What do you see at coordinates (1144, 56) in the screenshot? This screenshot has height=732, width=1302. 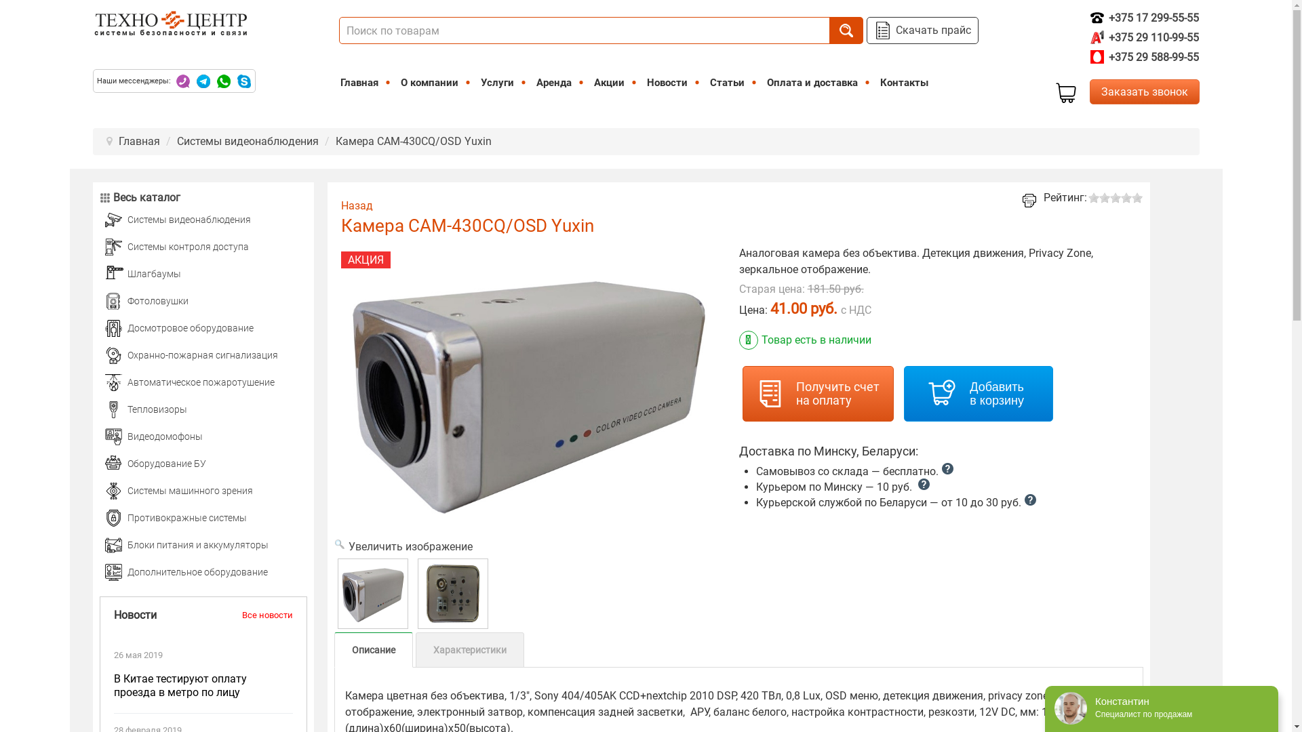 I see `'+375 29 588-99-55'` at bounding box center [1144, 56].